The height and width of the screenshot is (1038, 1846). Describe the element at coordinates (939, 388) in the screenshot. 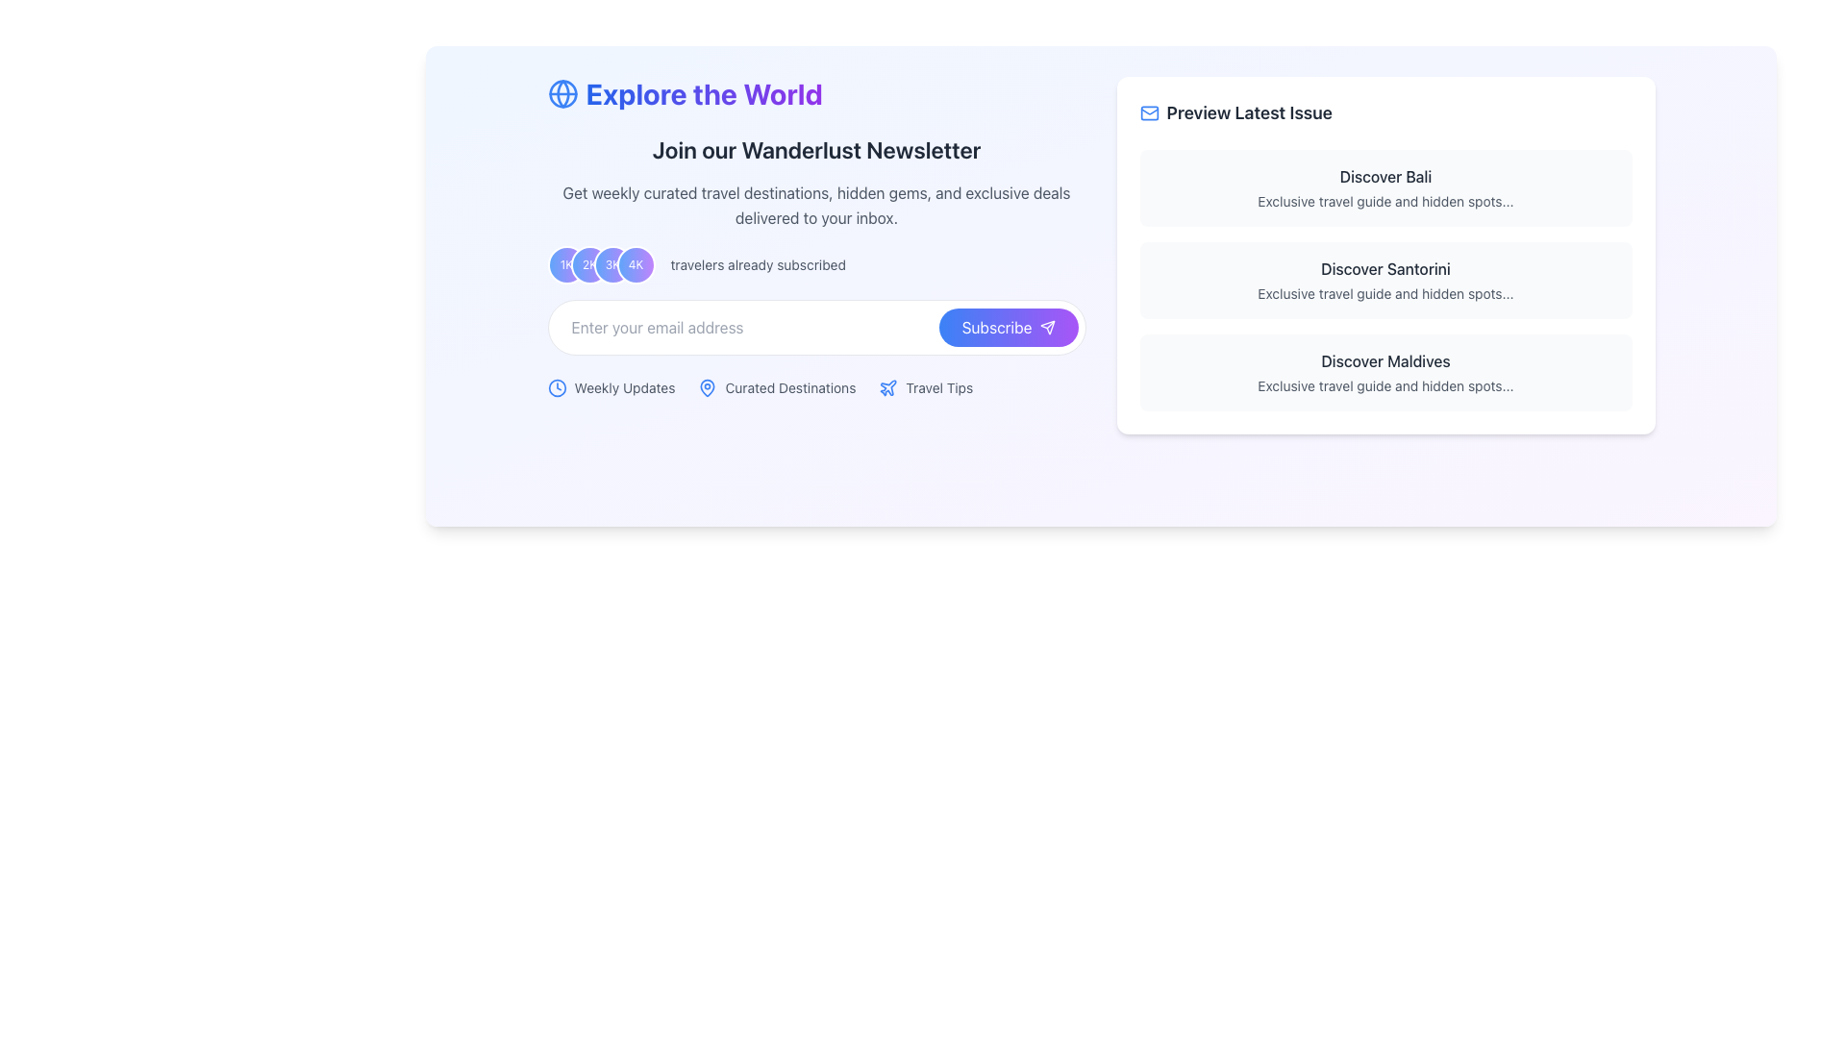

I see `the text label displaying 'Travel Tips' in gray, located to the left of the 'Preview Latest Issue' panel, following 'Weekly Updates' and 'Curated Destinations'` at that location.